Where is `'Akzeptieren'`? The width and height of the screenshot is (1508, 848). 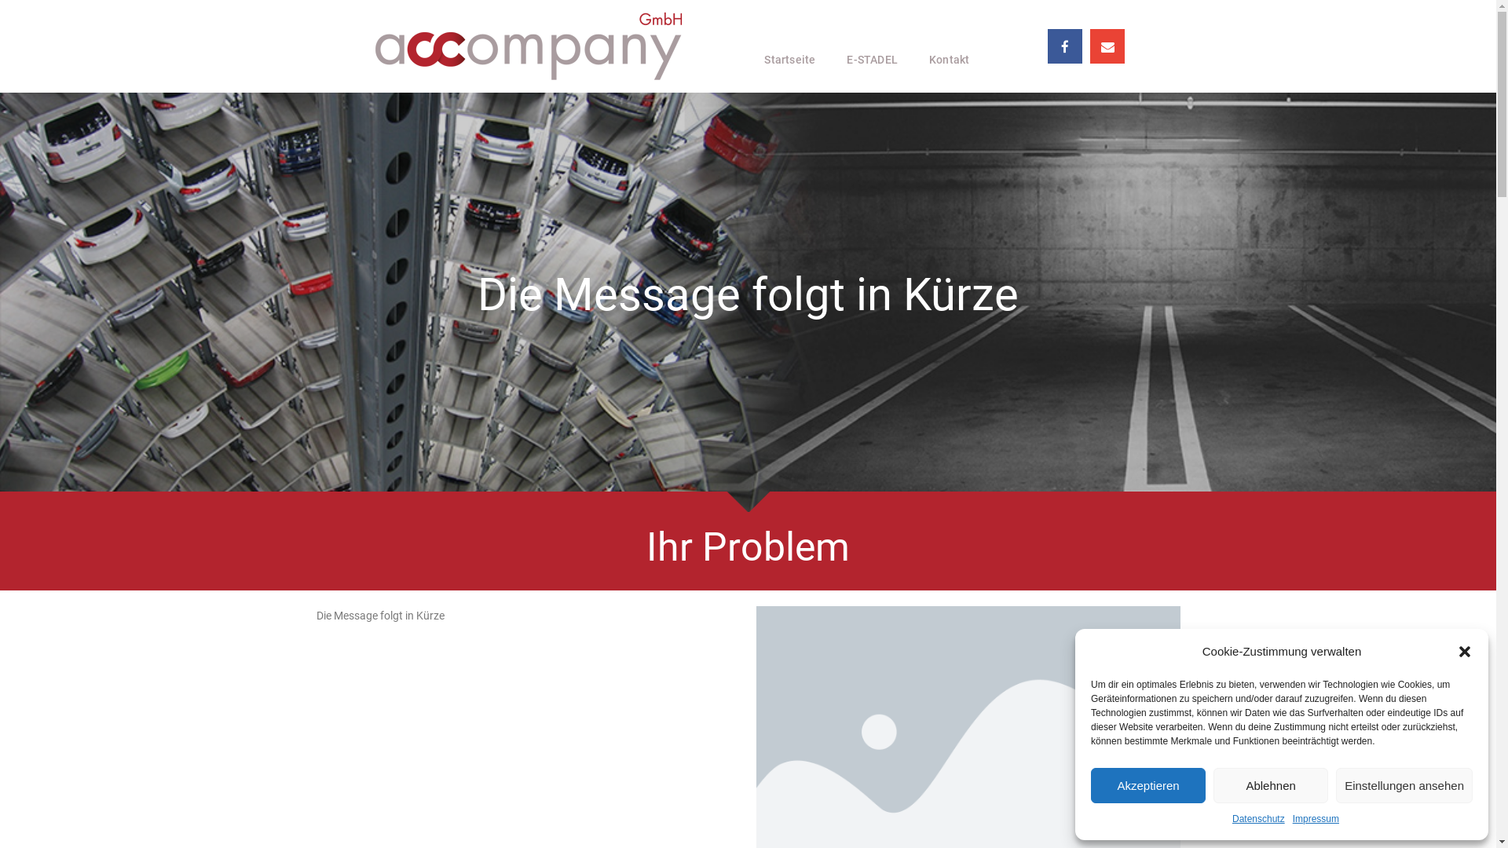
'Akzeptieren' is located at coordinates (1148, 785).